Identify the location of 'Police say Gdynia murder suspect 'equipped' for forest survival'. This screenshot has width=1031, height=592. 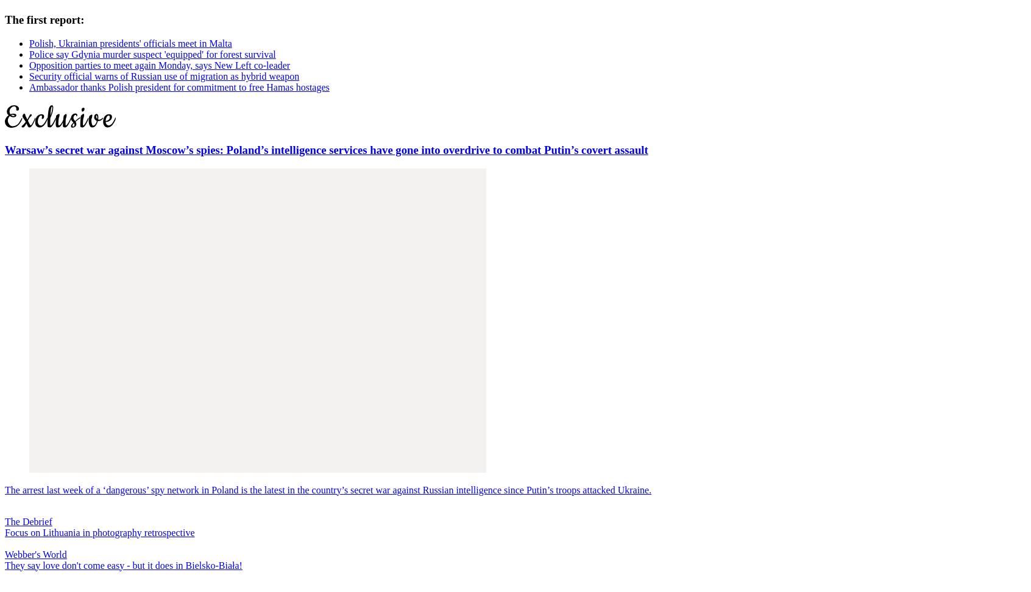
(152, 54).